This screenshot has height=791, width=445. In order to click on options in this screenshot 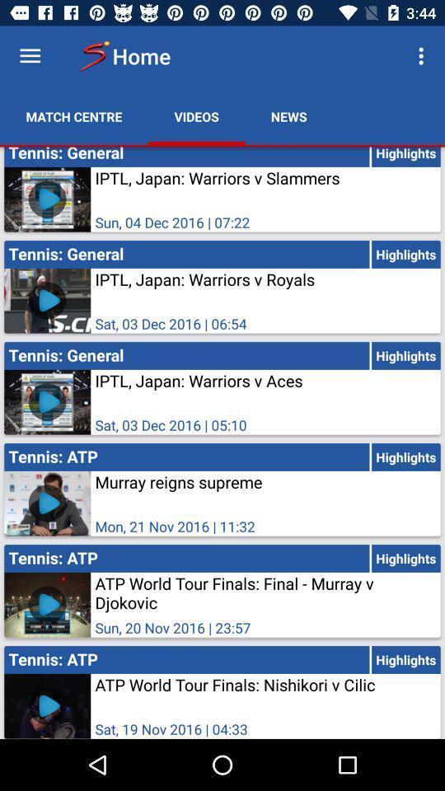, I will do `click(30, 56)`.